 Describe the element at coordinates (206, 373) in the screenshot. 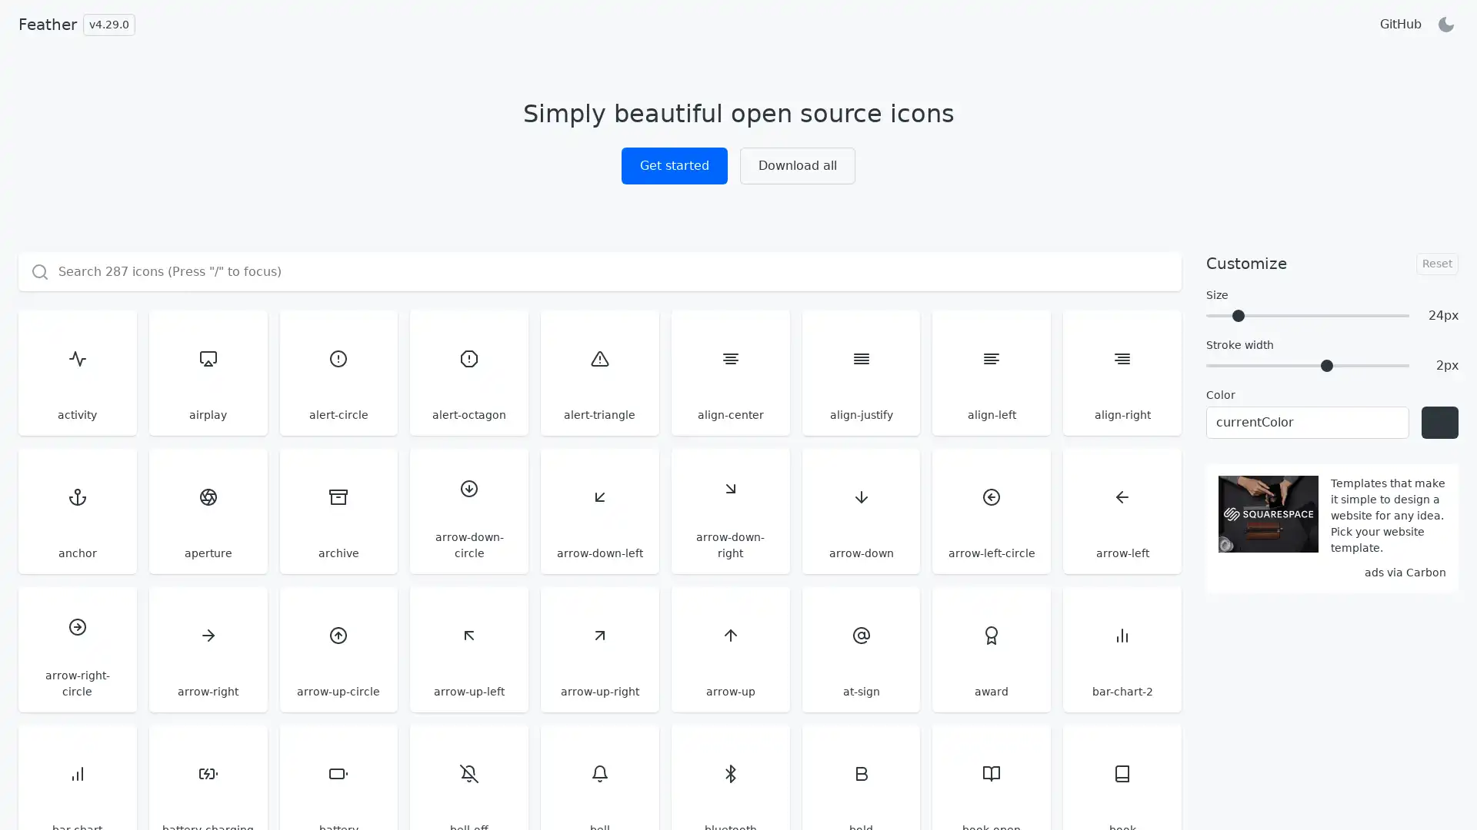

I see `airplay` at that location.